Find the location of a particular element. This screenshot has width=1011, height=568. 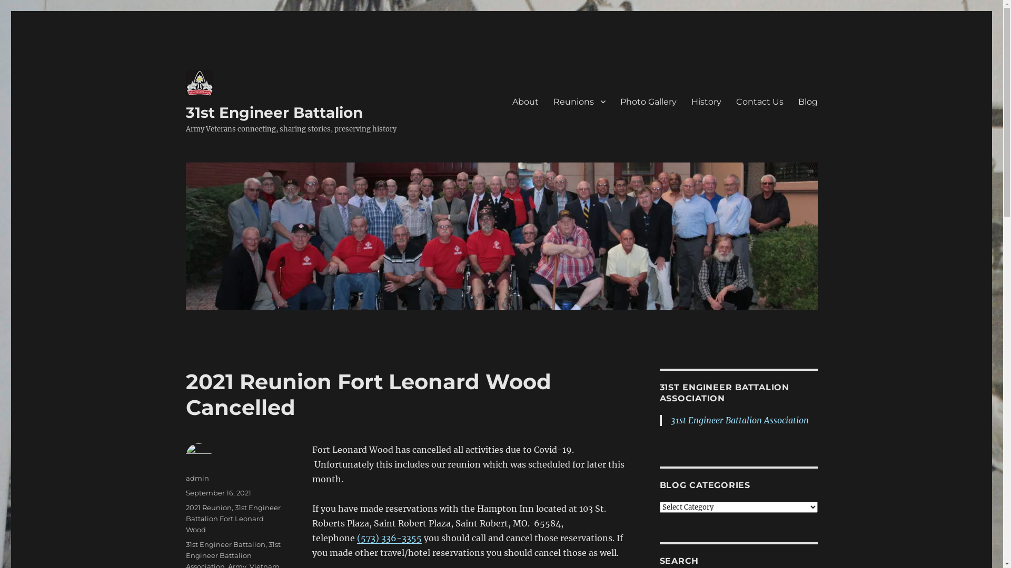

'(573) 336-3355' is located at coordinates (389, 537).